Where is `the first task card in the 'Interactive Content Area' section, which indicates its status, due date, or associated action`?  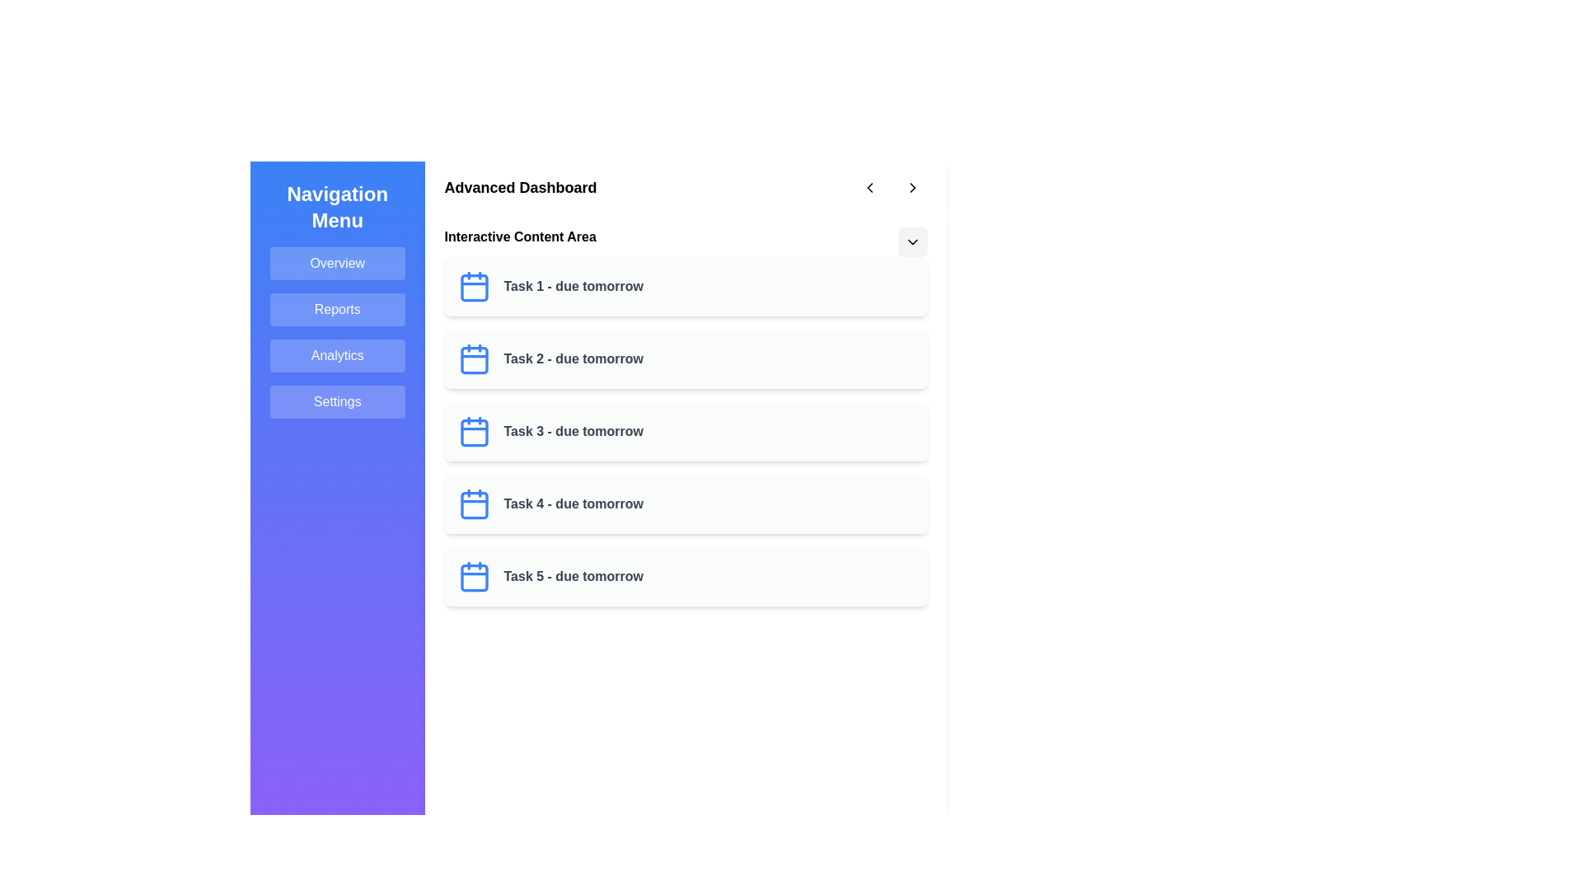 the first task card in the 'Interactive Content Area' section, which indicates its status, due date, or associated action is located at coordinates (686, 285).